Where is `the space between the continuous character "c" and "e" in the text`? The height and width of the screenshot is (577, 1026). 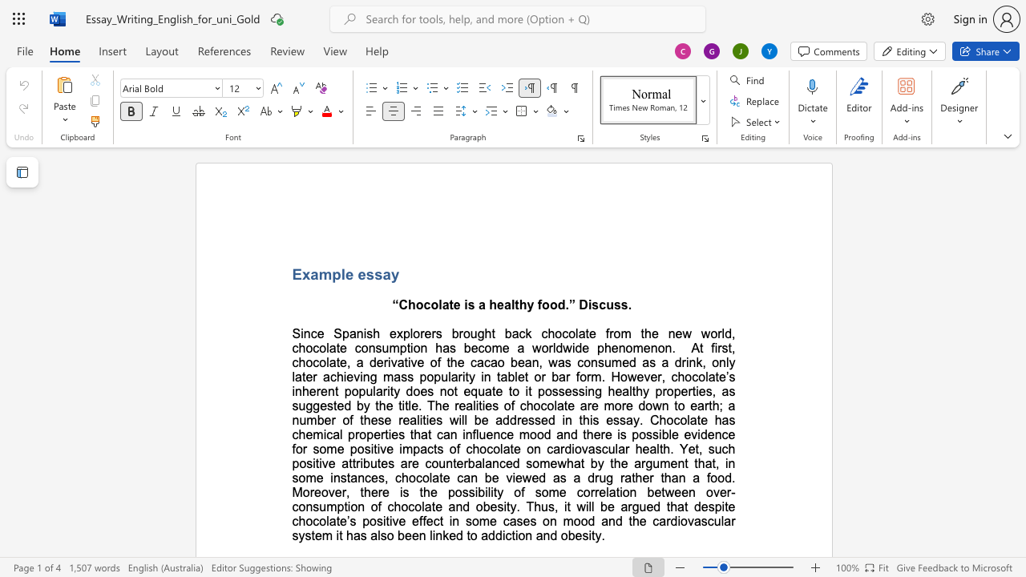 the space between the continuous character "c" and "e" in the text is located at coordinates (727, 434).